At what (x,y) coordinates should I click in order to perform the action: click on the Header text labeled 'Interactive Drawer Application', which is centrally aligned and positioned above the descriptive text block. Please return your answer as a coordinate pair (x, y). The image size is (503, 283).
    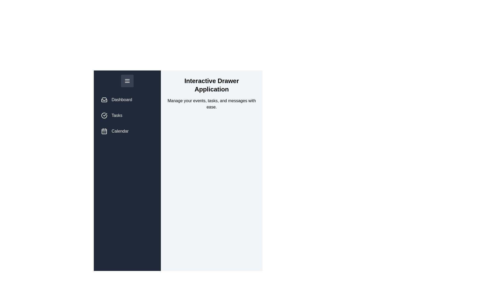
    Looking at the image, I should click on (211, 85).